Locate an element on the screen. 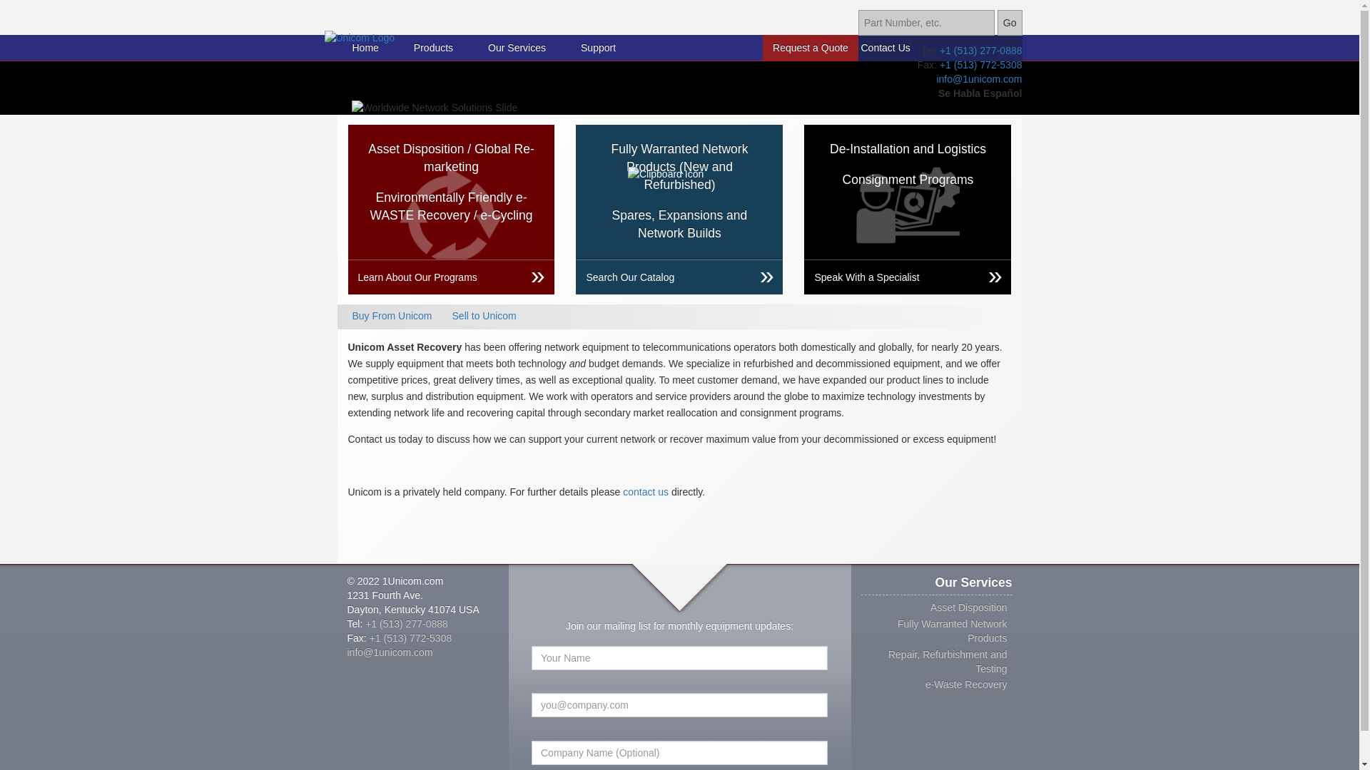 This screenshot has height=770, width=1370. 'Products' is located at coordinates (413, 46).